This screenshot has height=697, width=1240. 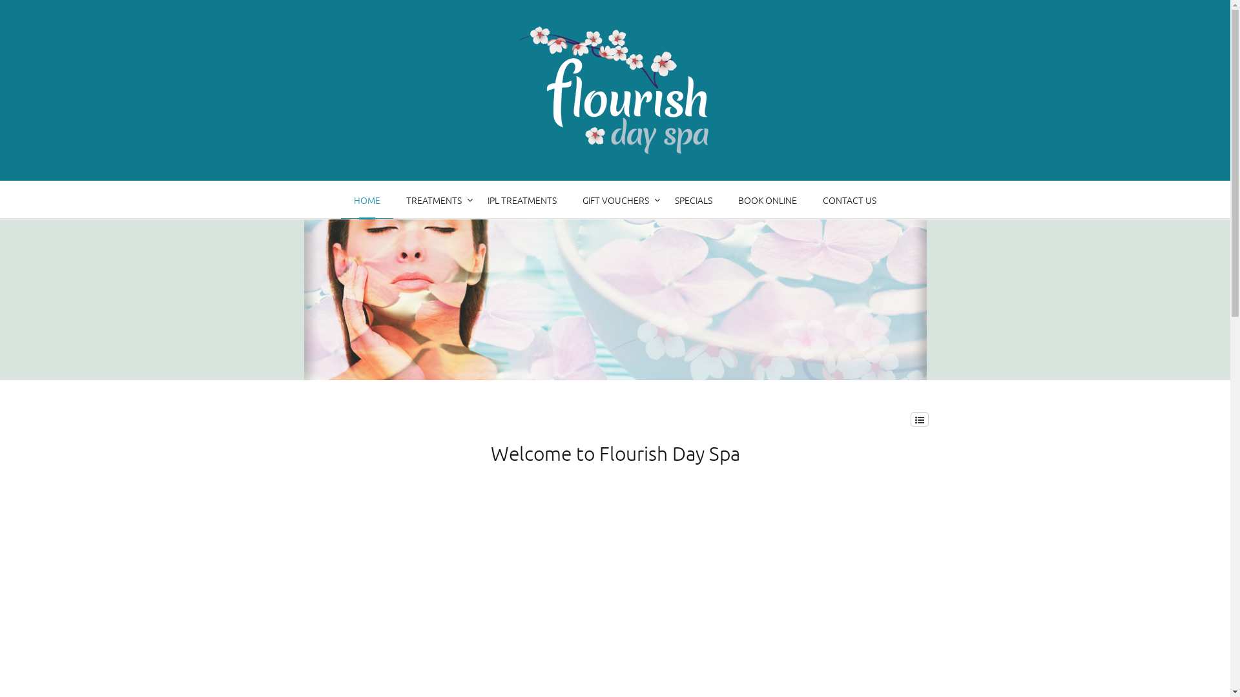 I want to click on 'IPL TREATMENTS', so click(x=522, y=199).